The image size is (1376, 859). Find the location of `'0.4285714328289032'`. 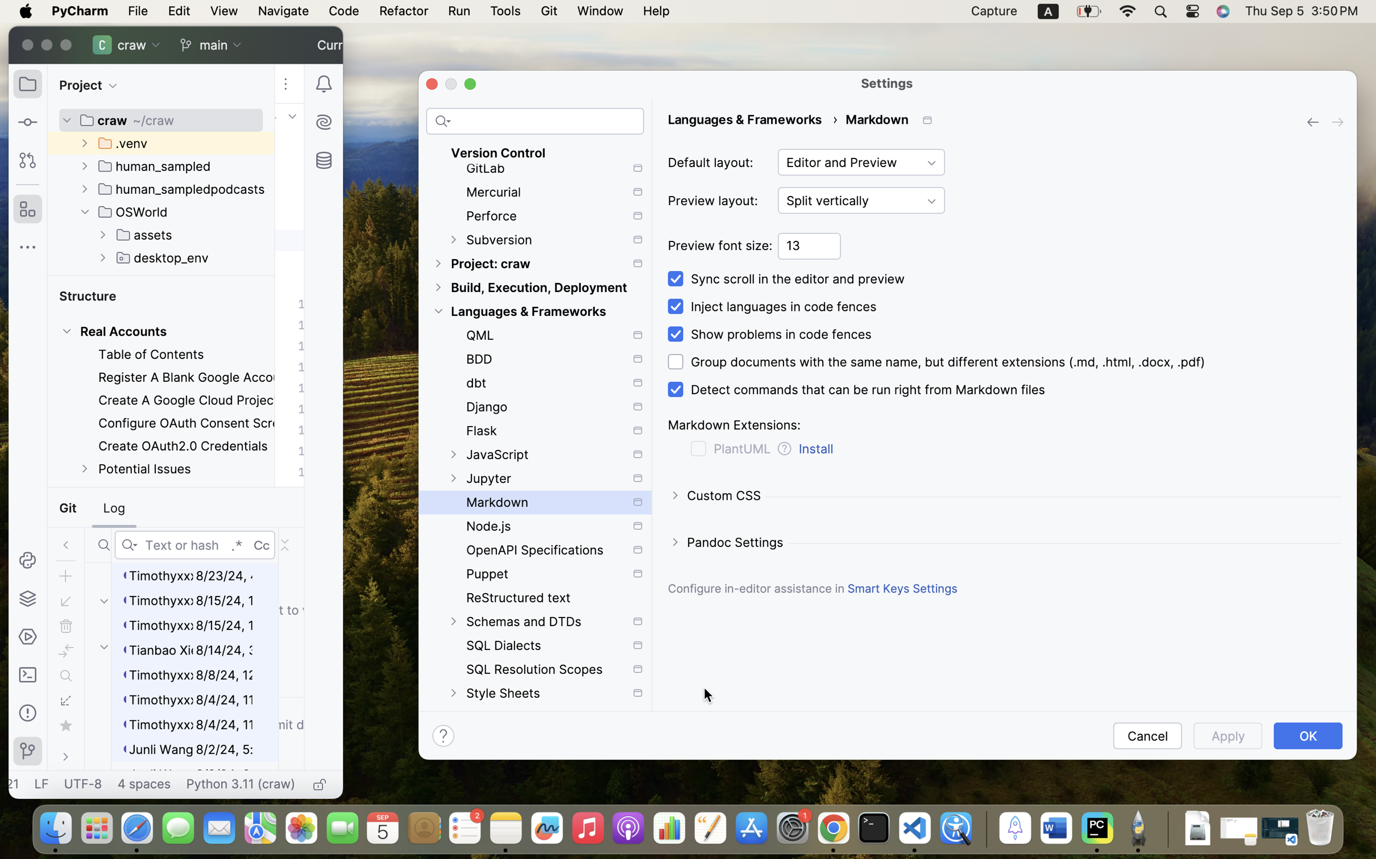

'0.4285714328289032' is located at coordinates (984, 828).